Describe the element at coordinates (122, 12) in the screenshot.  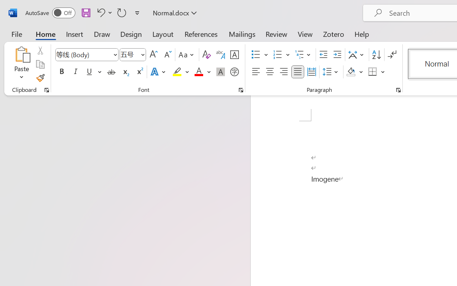
I see `'Repeat Style'` at that location.